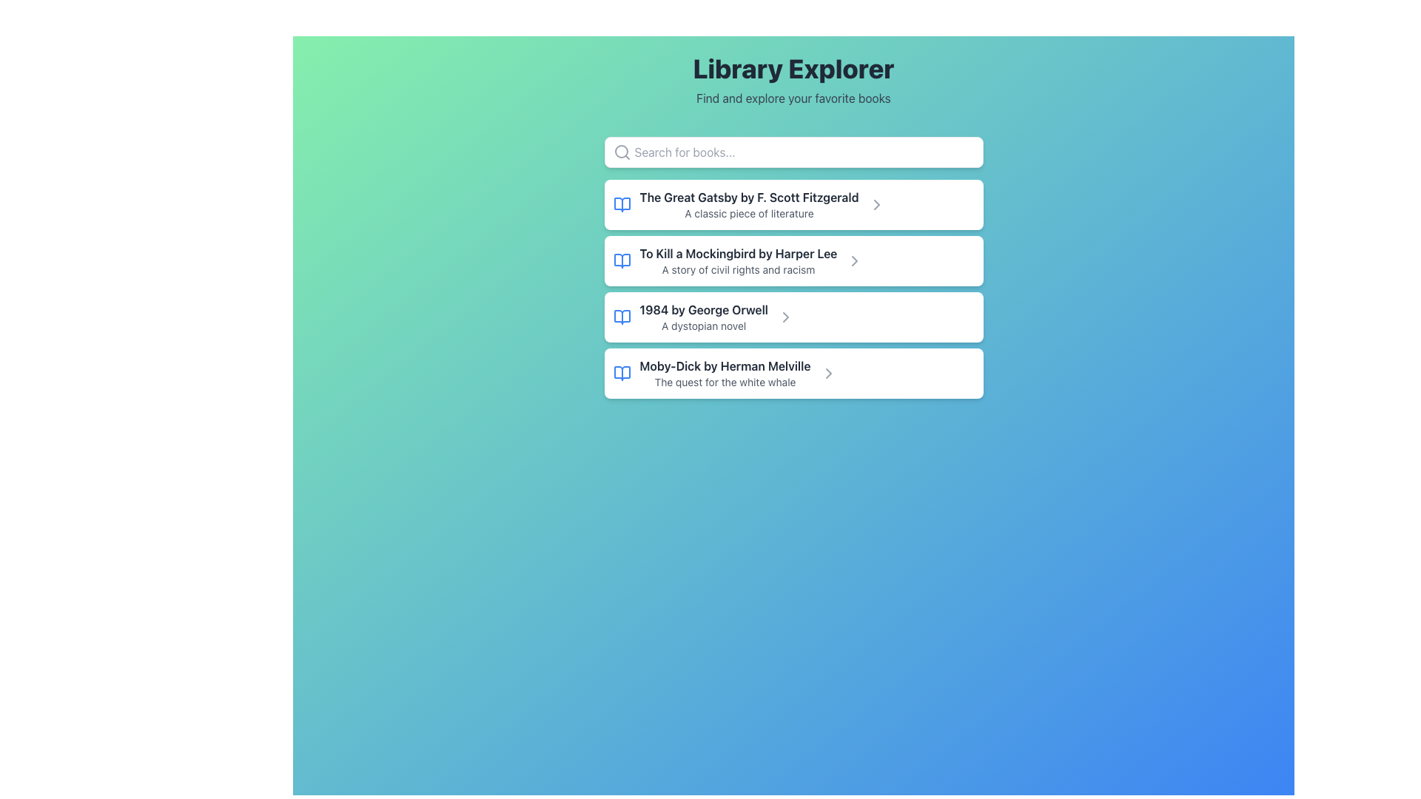 The image size is (1421, 799). Describe the element at coordinates (622, 260) in the screenshot. I see `the blue book icon with an outline style located at the leftmost side of the second row for the entry 'To Kill a Mockingbird by Harper Lee'` at that location.